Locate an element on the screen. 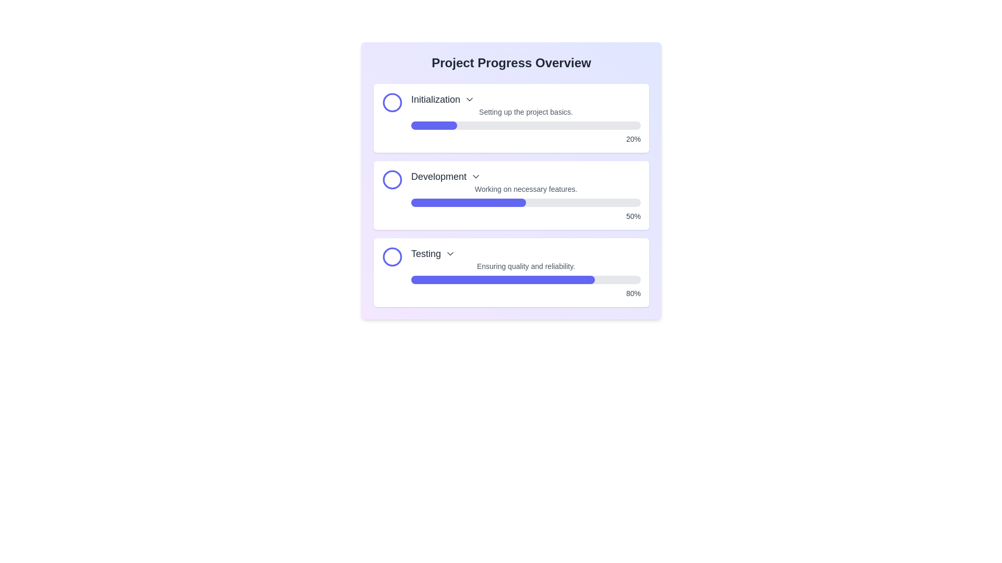 The height and width of the screenshot is (563, 1002). the 'Development' text label which serves as a heading for the project phase in the 'Project Progress Overview' section is located at coordinates (438, 176).